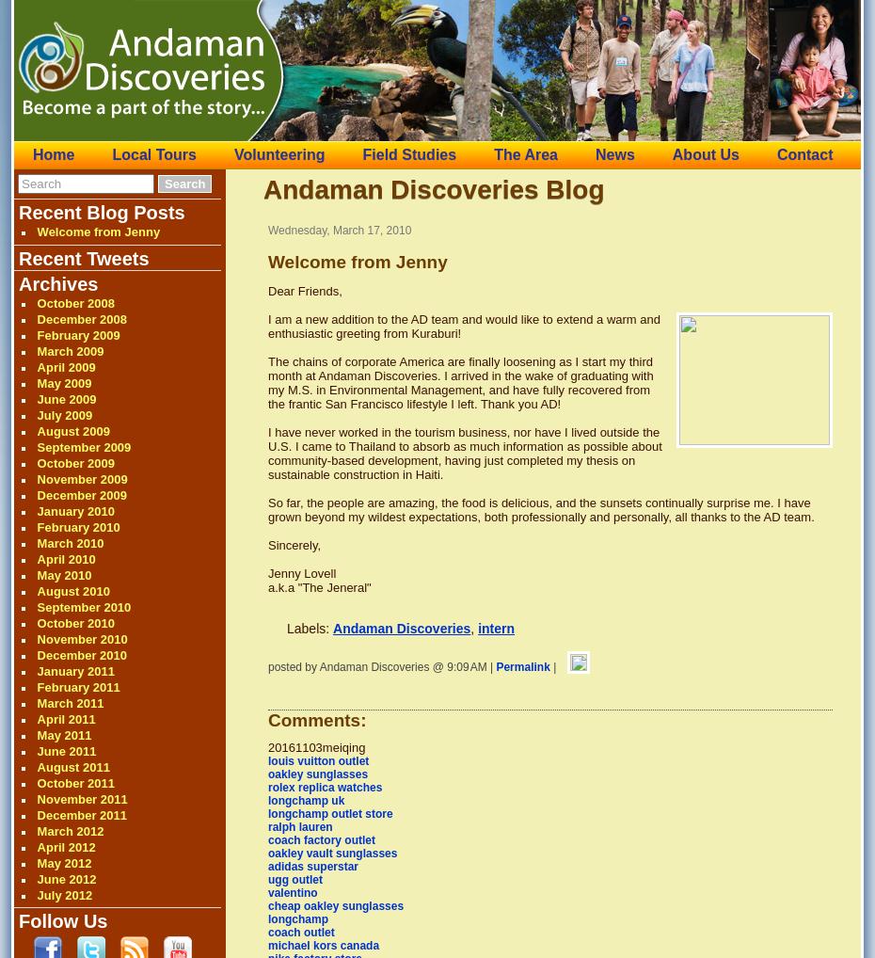 This screenshot has height=958, width=875. What do you see at coordinates (17, 284) in the screenshot?
I see `'Archives'` at bounding box center [17, 284].